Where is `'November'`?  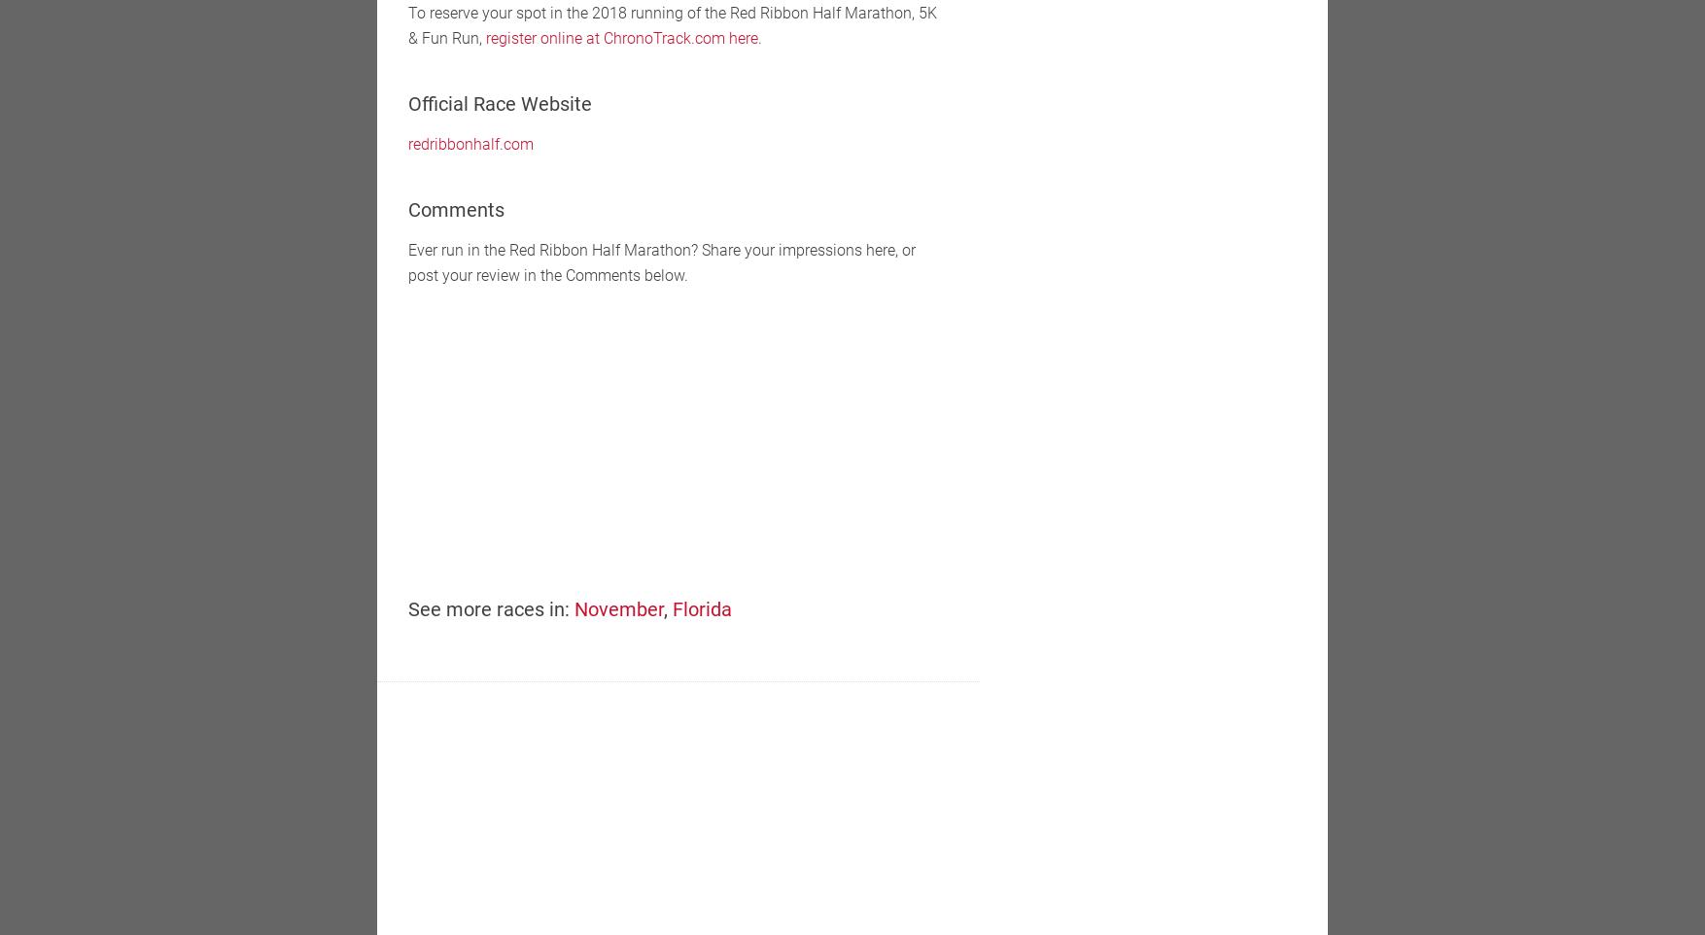 'November' is located at coordinates (618, 609).